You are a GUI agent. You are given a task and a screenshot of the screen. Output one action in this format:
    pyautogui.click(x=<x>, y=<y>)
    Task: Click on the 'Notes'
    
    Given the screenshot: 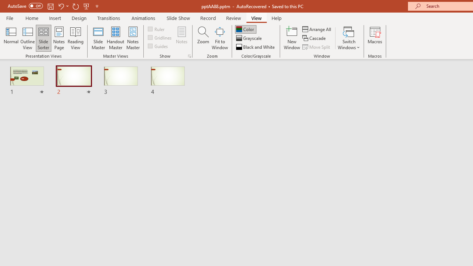 What is the action you would take?
    pyautogui.click(x=182, y=38)
    